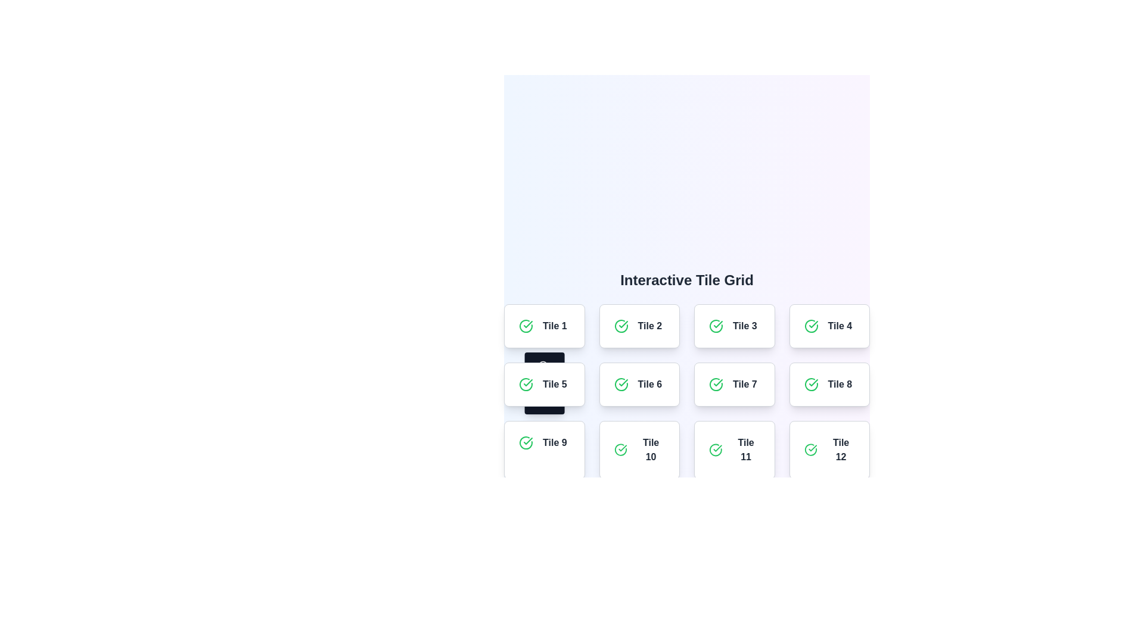 The height and width of the screenshot is (643, 1144). I want to click on the visual indicator Icon located on the left side of 'Tile 9' in the UI grid layout, which represents the completion or success state, so click(526, 443).